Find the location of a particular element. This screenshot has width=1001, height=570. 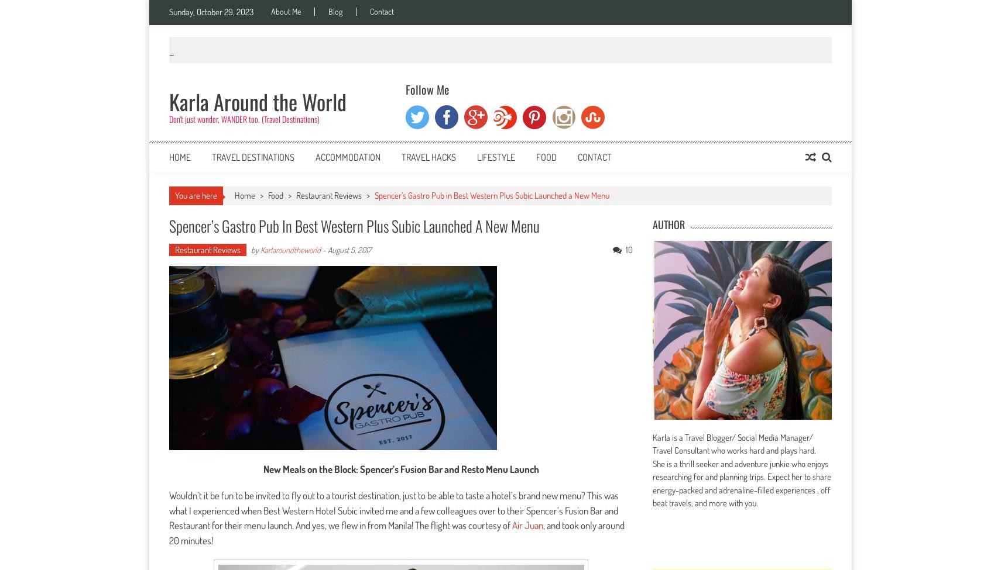

'Food' is located at coordinates (275, 194).